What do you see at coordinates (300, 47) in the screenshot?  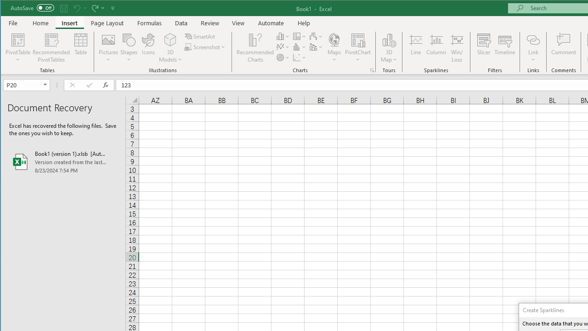 I see `'Insert Statistic Chart'` at bounding box center [300, 47].